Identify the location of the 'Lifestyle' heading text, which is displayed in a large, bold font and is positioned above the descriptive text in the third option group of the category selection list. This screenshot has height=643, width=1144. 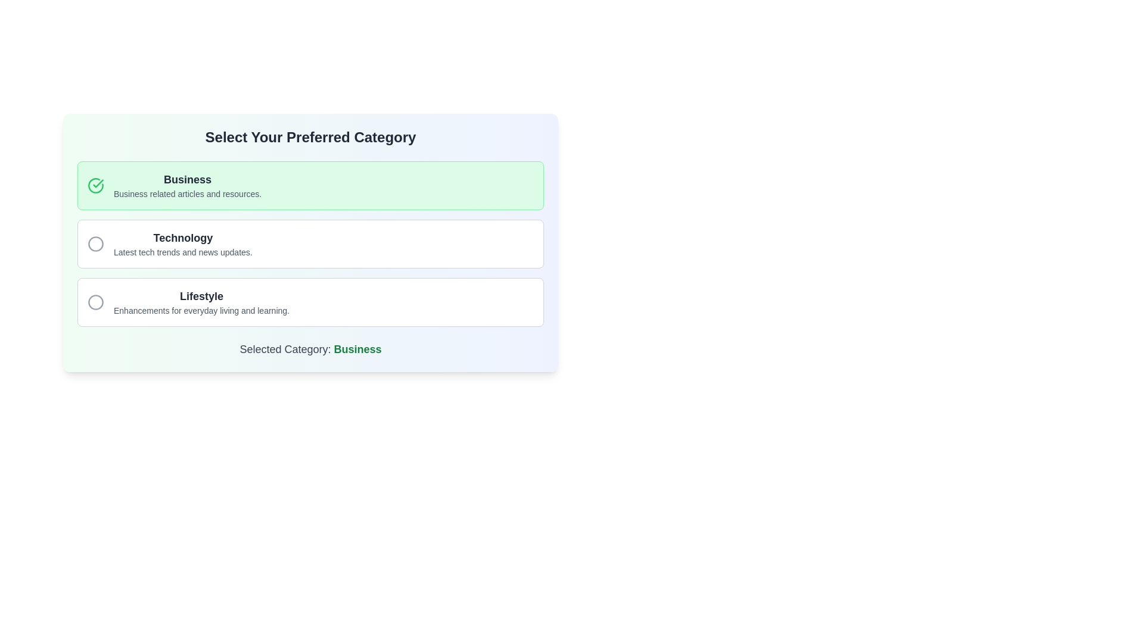
(201, 295).